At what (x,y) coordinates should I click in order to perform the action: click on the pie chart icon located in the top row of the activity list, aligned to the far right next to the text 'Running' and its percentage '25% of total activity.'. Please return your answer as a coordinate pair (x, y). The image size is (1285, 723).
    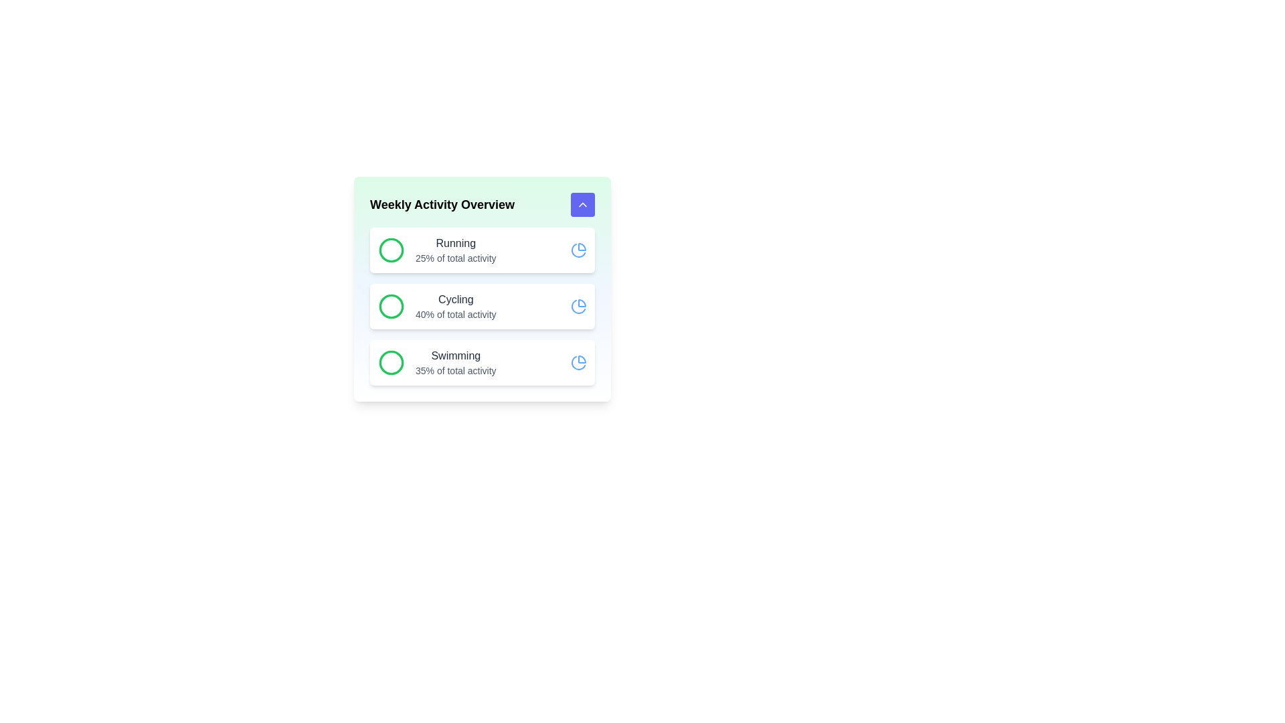
    Looking at the image, I should click on (578, 250).